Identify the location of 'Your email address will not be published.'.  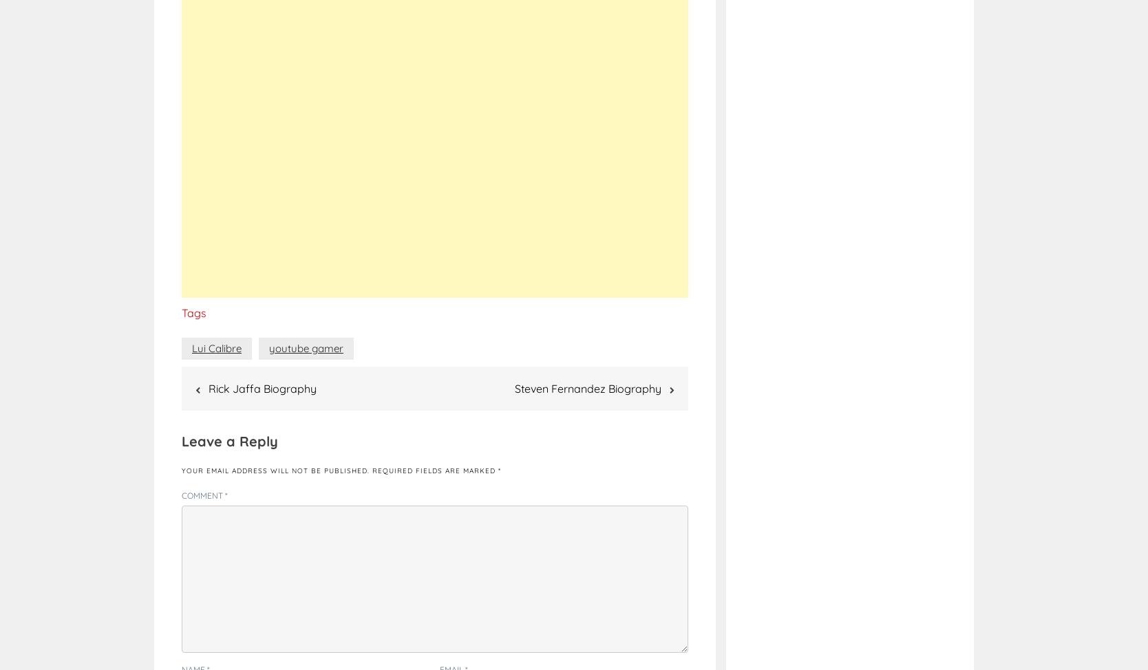
(181, 471).